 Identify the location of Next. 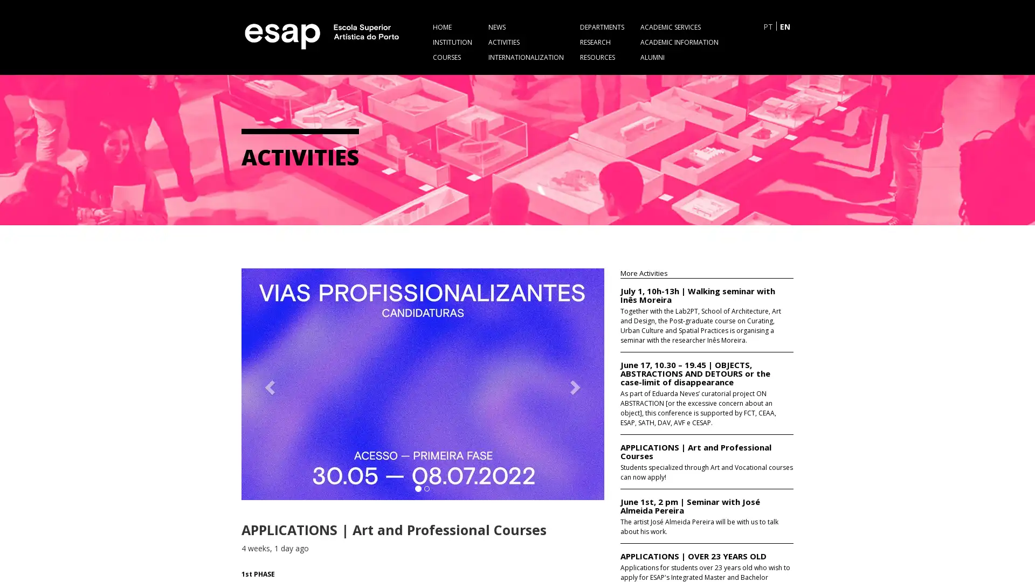
(576, 383).